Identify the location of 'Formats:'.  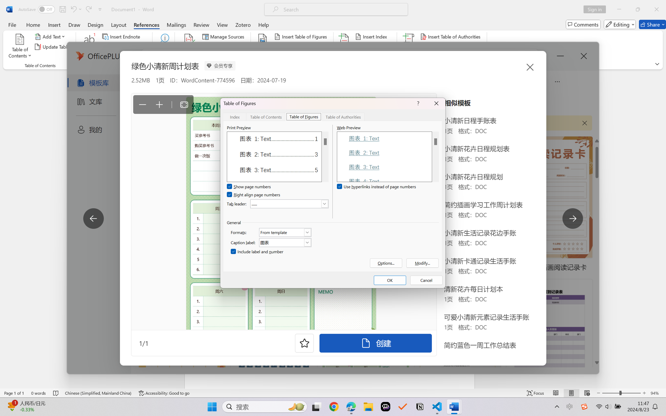
(285, 232).